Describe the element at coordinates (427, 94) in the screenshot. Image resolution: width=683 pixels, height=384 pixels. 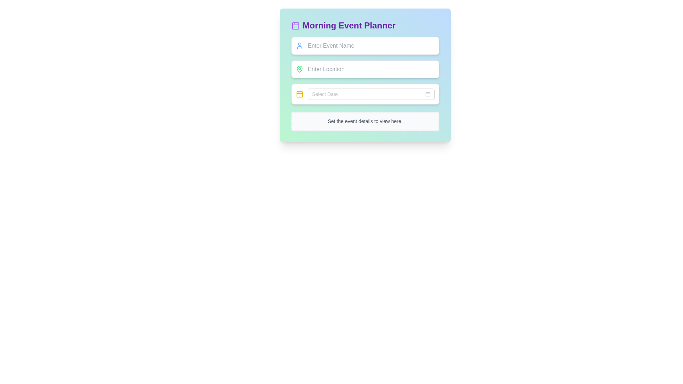
I see `the Calendar icon located on the far right side of the 'Select Date' input field` at that location.